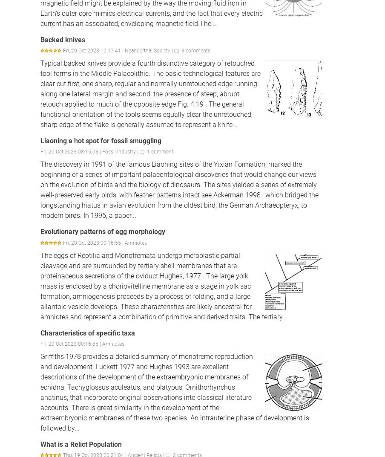 This screenshot has height=457, width=385. I want to click on 'Characteristics of specific taxa', so click(88, 333).